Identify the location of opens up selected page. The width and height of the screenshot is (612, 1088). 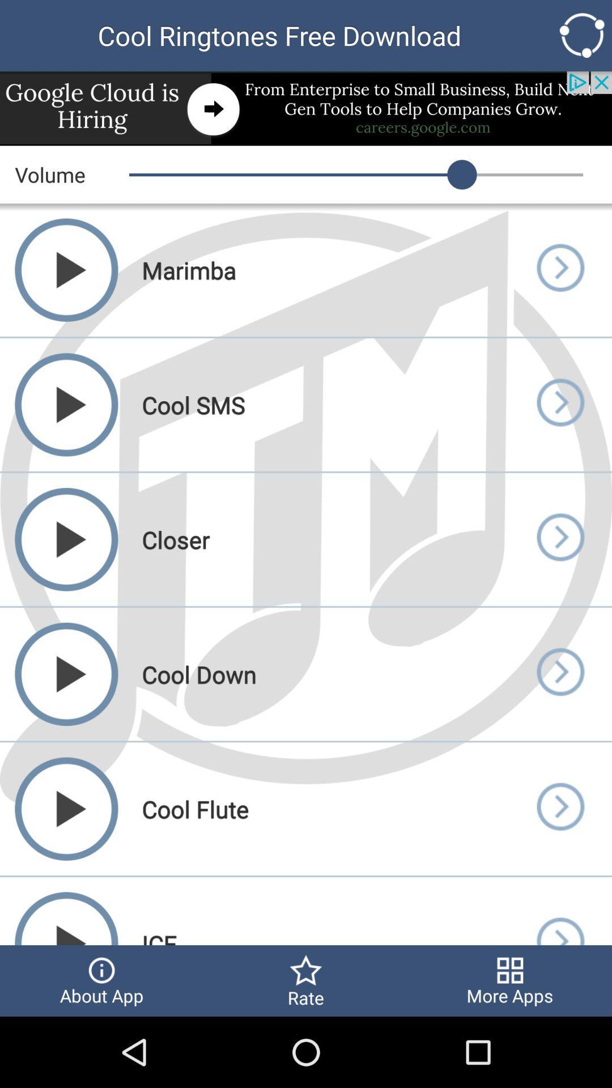
(559, 405).